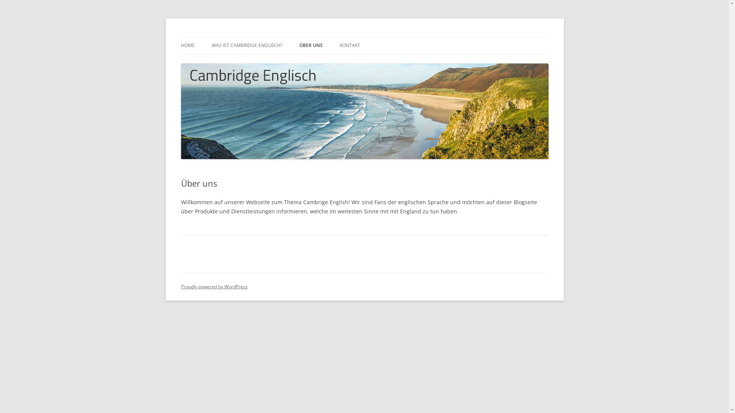  What do you see at coordinates (187, 46) in the screenshot?
I see `'HOME'` at bounding box center [187, 46].